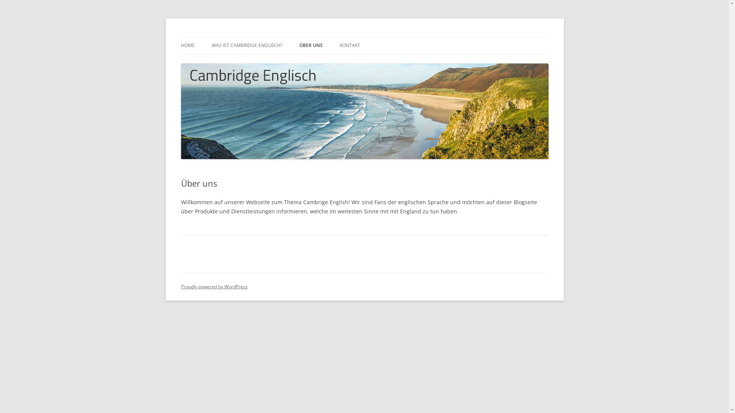  What do you see at coordinates (187, 46) in the screenshot?
I see `'HOME'` at bounding box center [187, 46].